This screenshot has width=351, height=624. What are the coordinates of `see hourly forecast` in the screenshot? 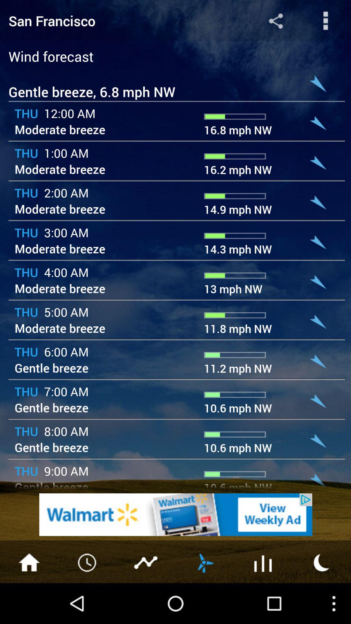 It's located at (88, 562).